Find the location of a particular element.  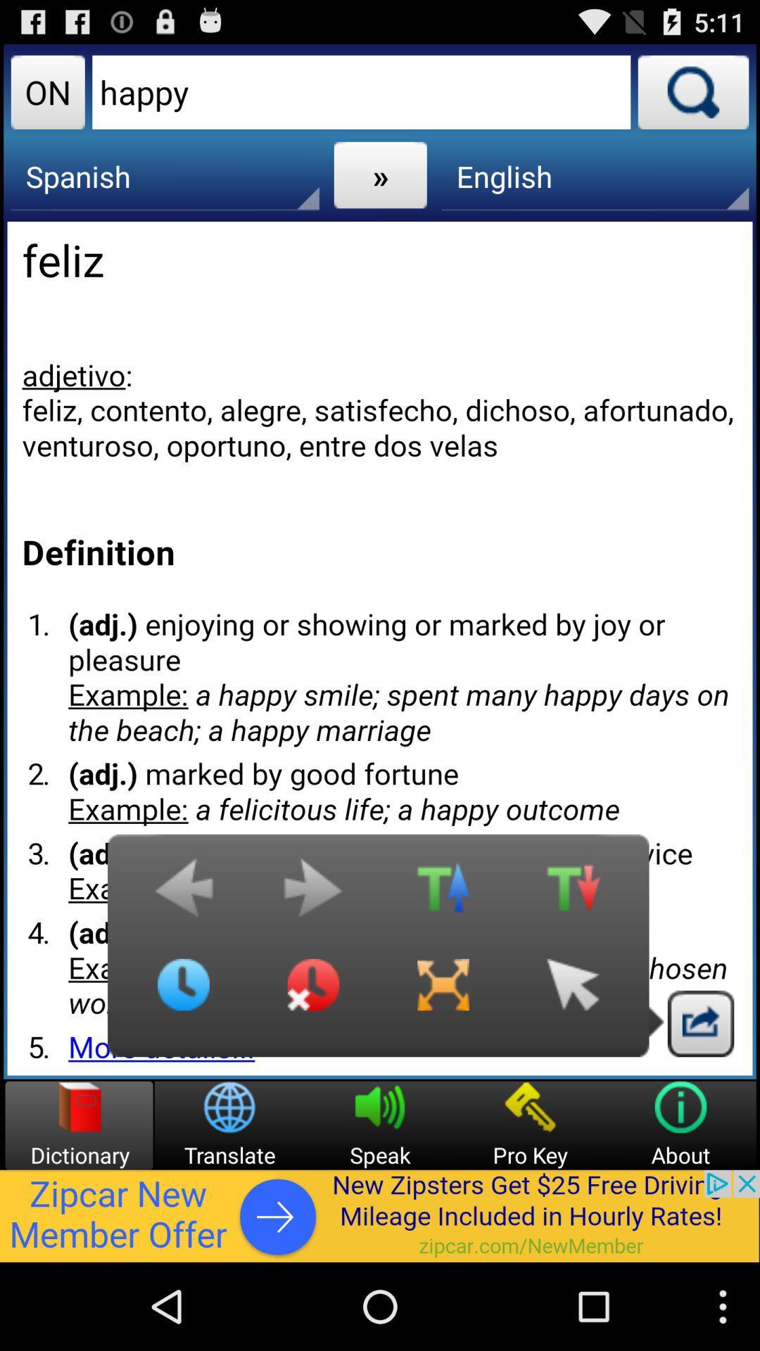

cursor is located at coordinates (573, 995).